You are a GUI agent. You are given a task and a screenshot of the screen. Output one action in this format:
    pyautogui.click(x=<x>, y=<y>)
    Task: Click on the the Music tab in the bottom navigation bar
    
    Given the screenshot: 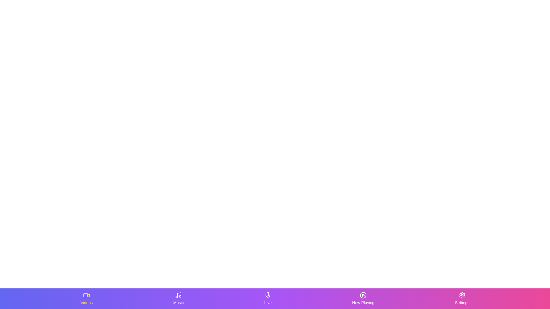 What is the action you would take?
    pyautogui.click(x=178, y=298)
    